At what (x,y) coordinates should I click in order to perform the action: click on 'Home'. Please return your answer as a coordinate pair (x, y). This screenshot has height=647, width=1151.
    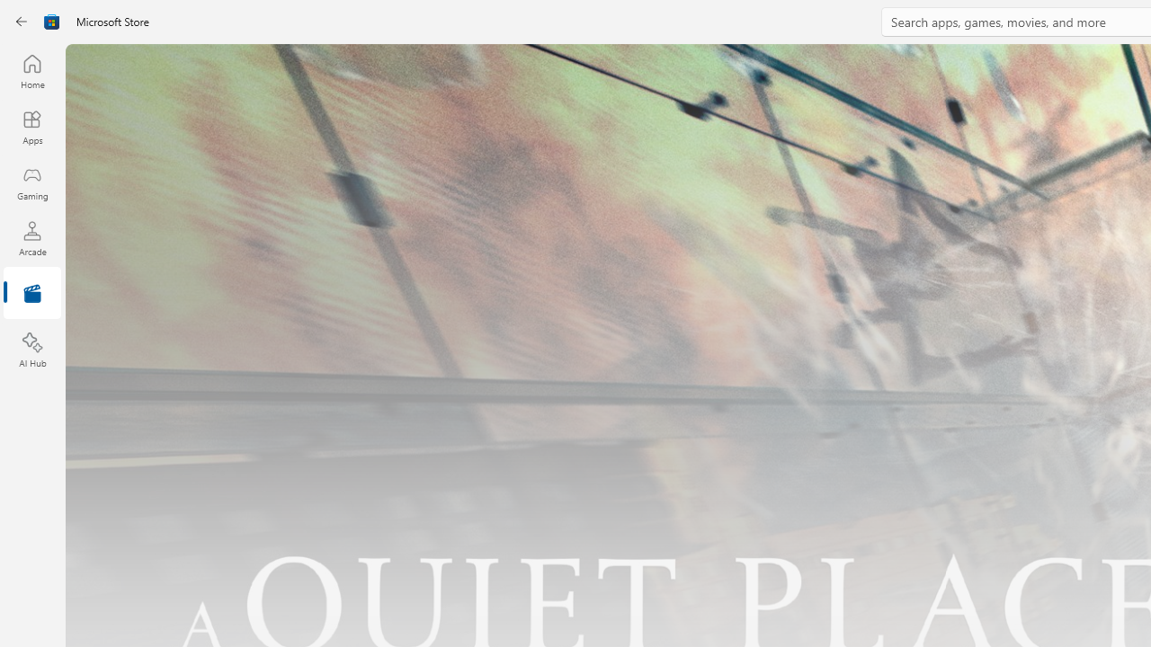
    Looking at the image, I should click on (31, 70).